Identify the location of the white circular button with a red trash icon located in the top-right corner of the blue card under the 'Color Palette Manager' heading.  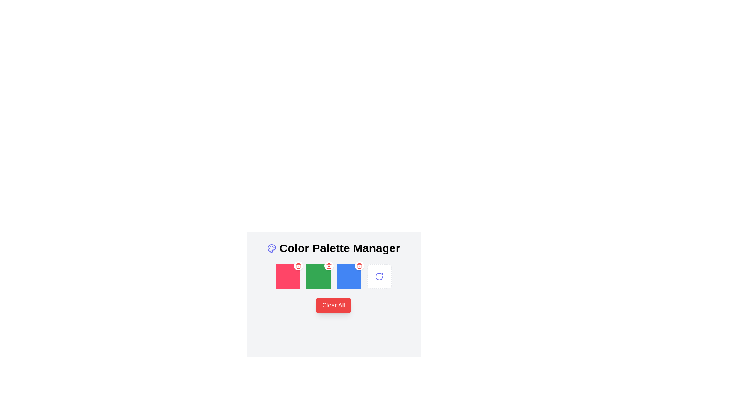
(359, 266).